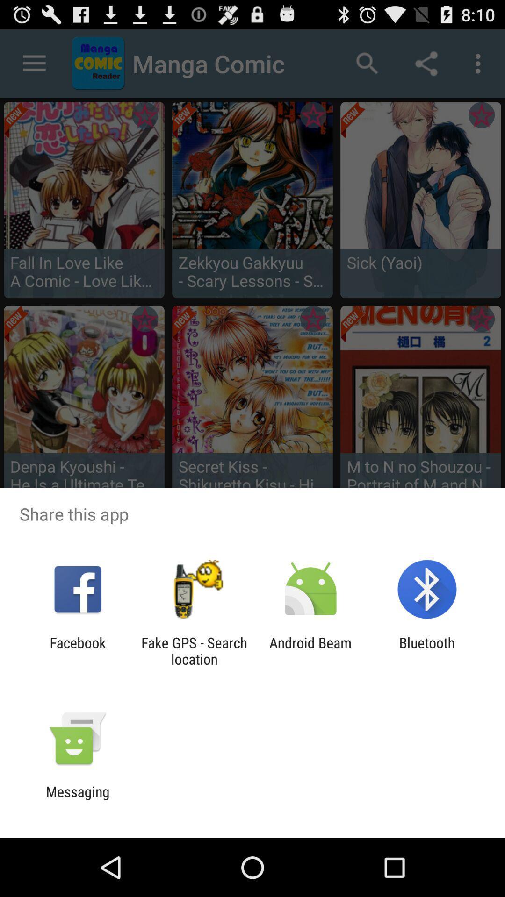 This screenshot has height=897, width=505. Describe the element at coordinates (427, 650) in the screenshot. I see `icon to the right of the android beam icon` at that location.